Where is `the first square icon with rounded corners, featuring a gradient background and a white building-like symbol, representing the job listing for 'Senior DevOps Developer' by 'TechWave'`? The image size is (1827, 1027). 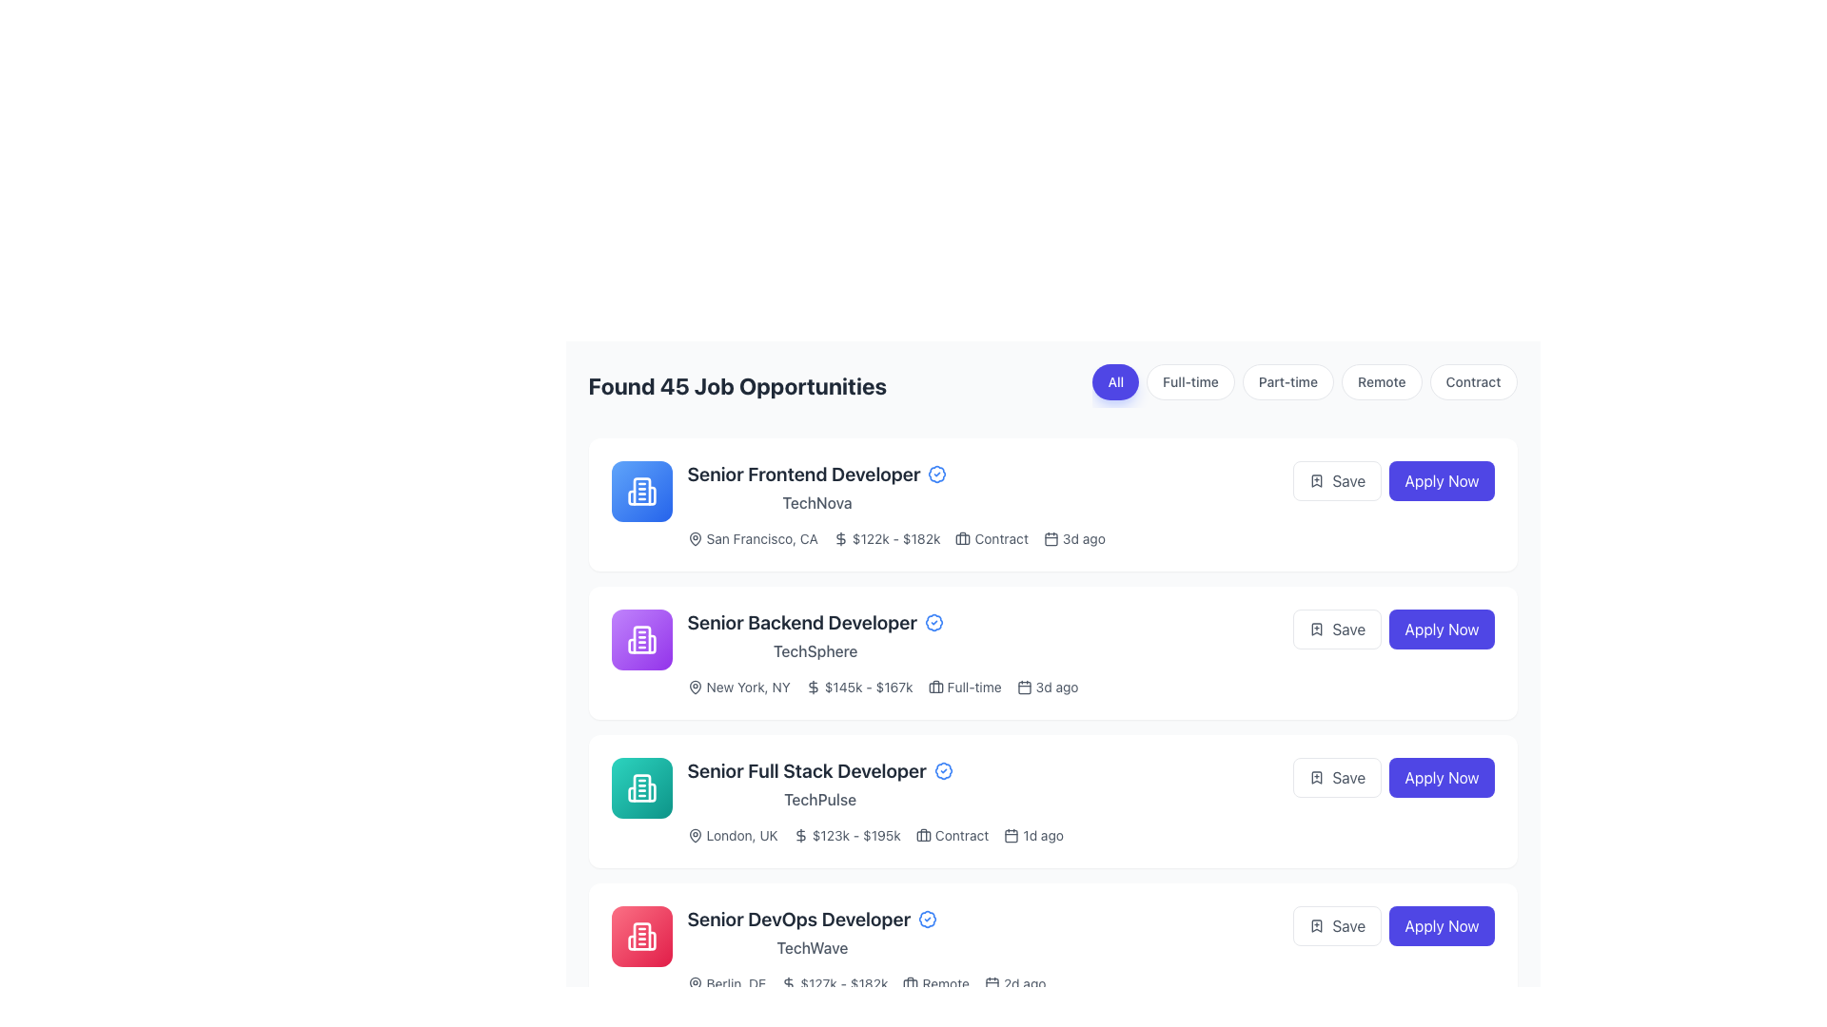 the first square icon with rounded corners, featuring a gradient background and a white building-like symbol, representing the job listing for 'Senior DevOps Developer' by 'TechWave' is located at coordinates (641, 935).